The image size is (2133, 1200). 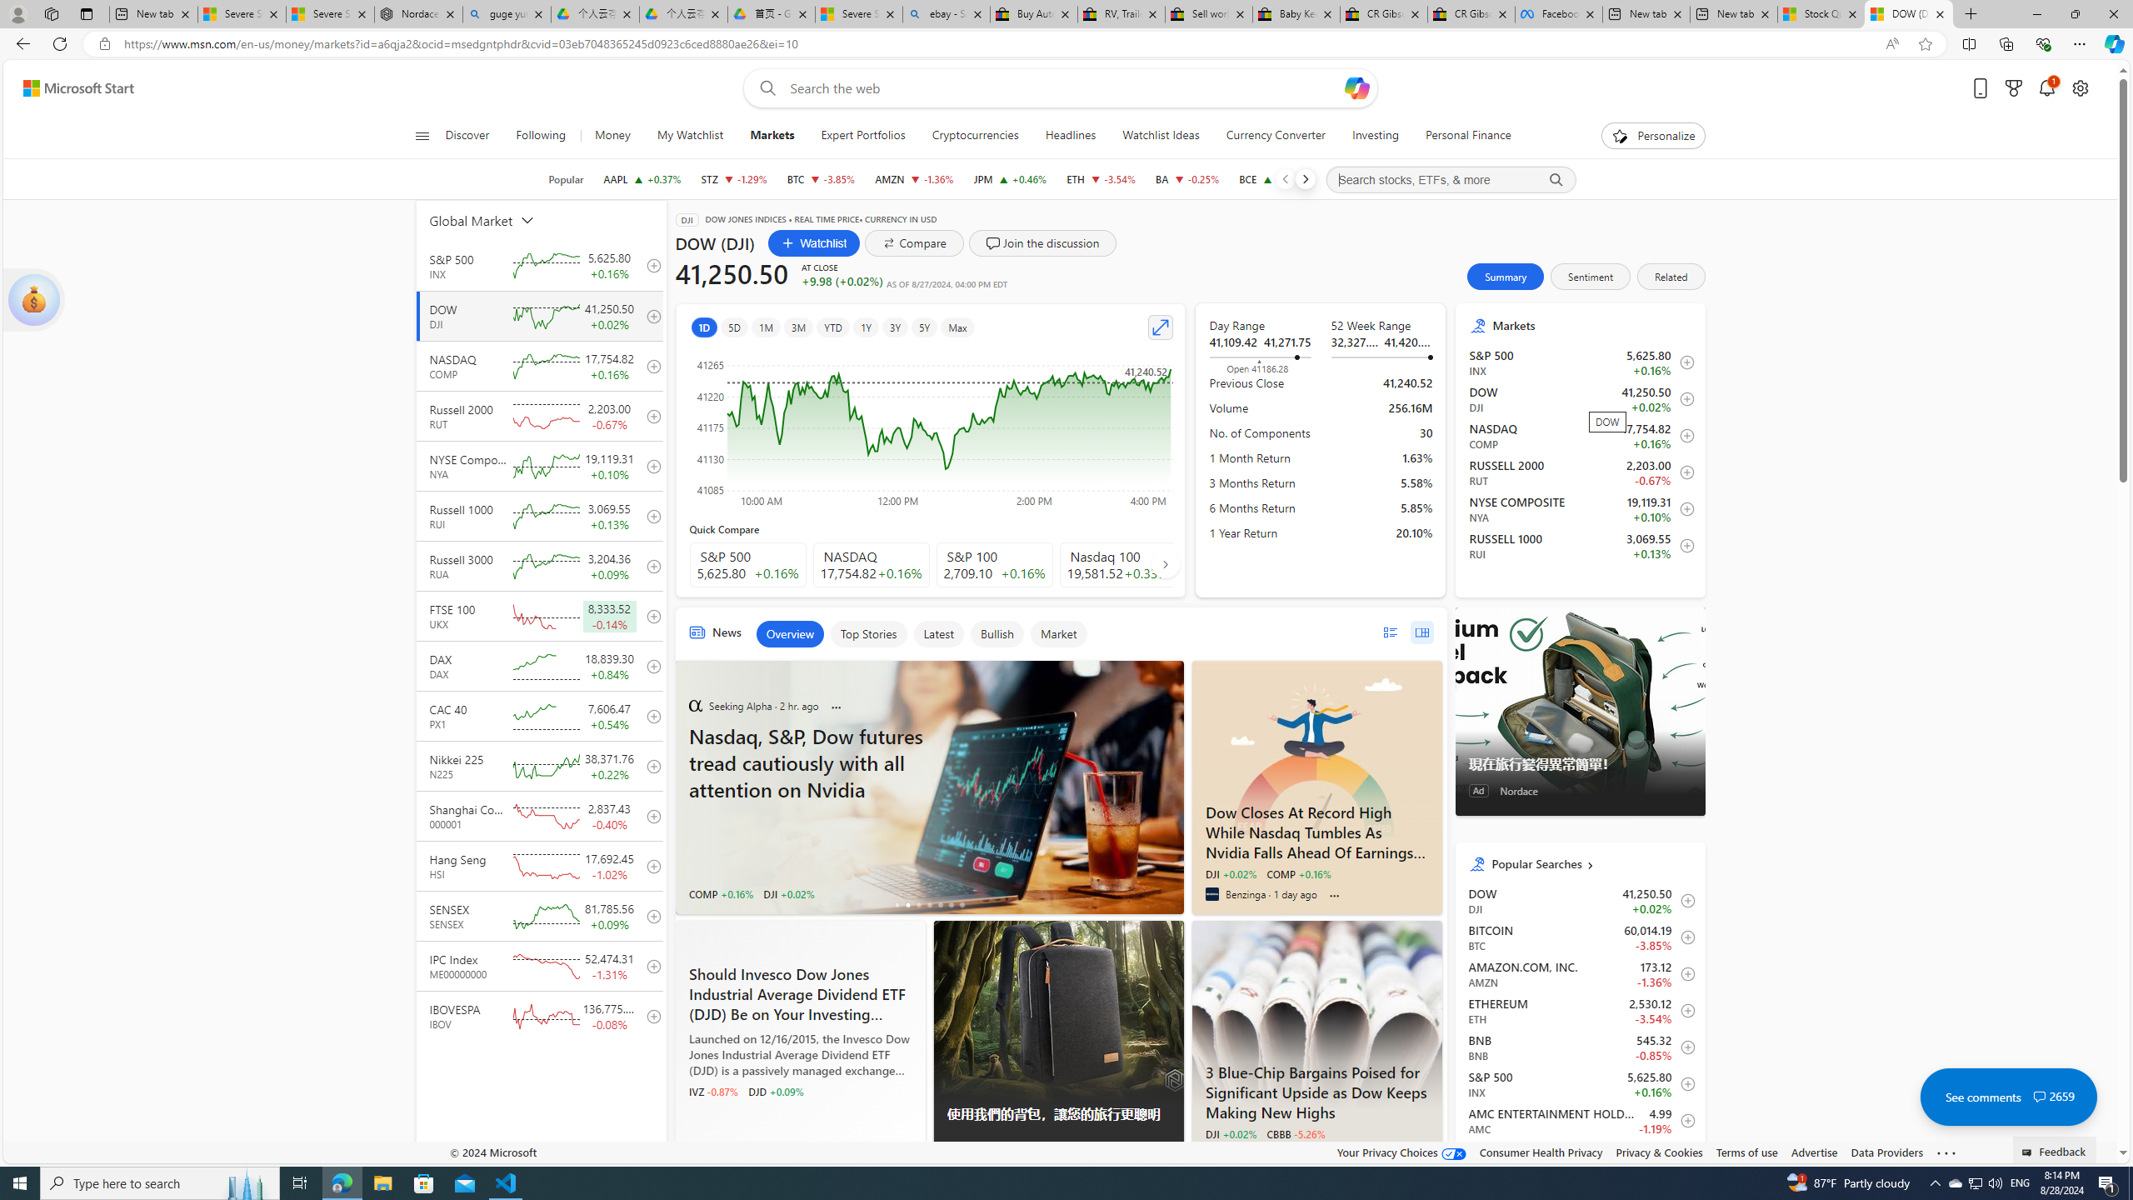 I want to click on 'Bullish', so click(x=996, y=634).